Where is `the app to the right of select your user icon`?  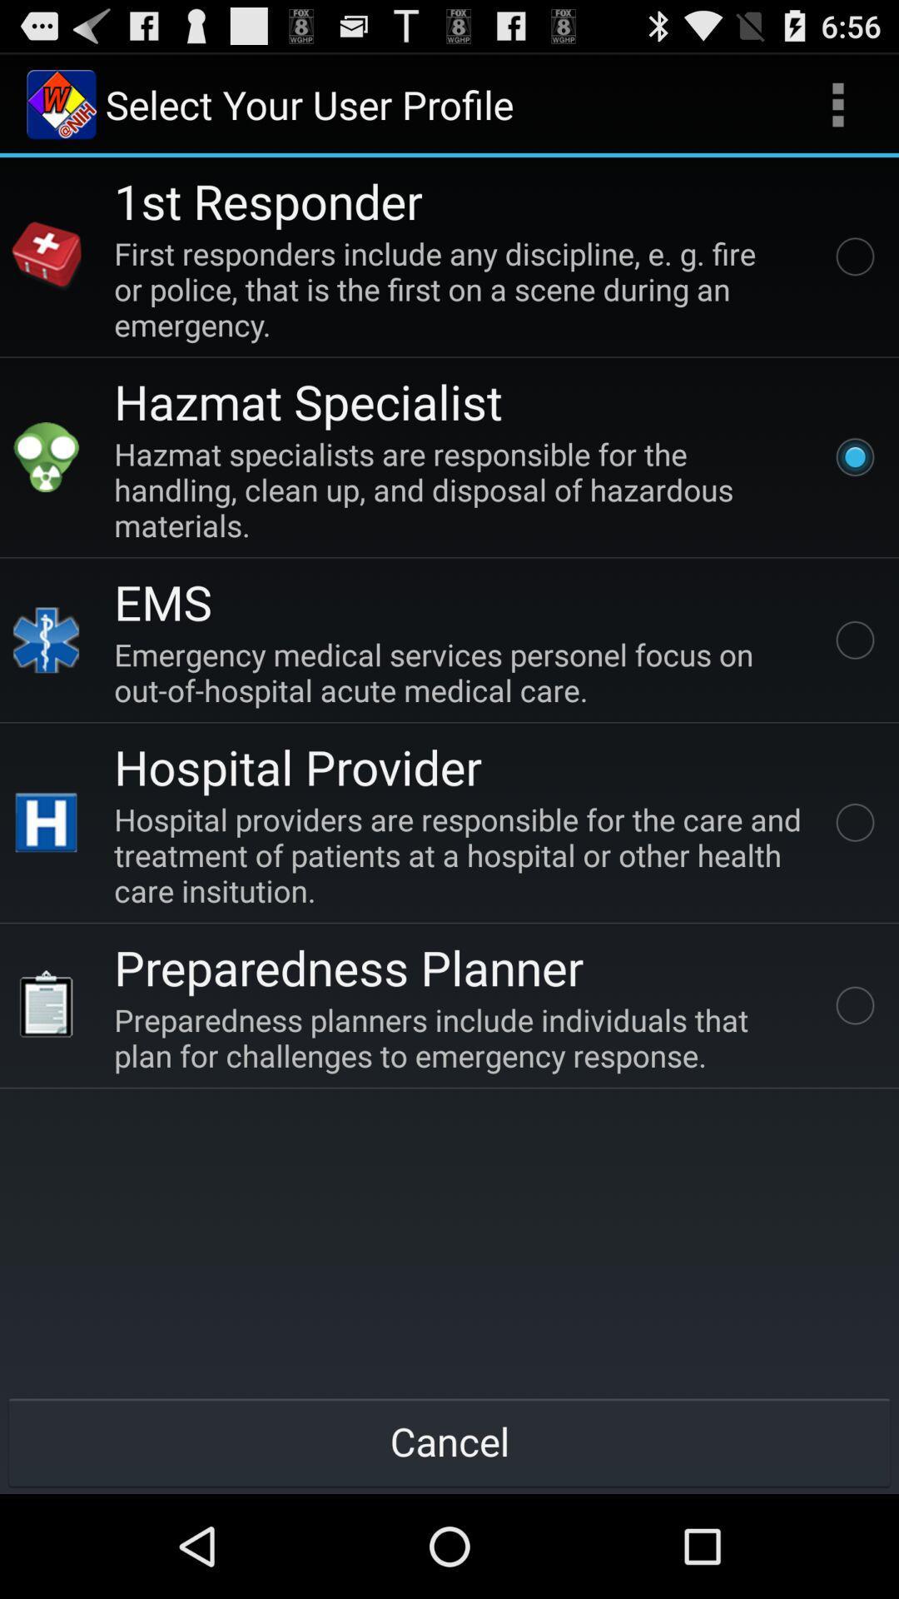
the app to the right of select your user icon is located at coordinates (837, 103).